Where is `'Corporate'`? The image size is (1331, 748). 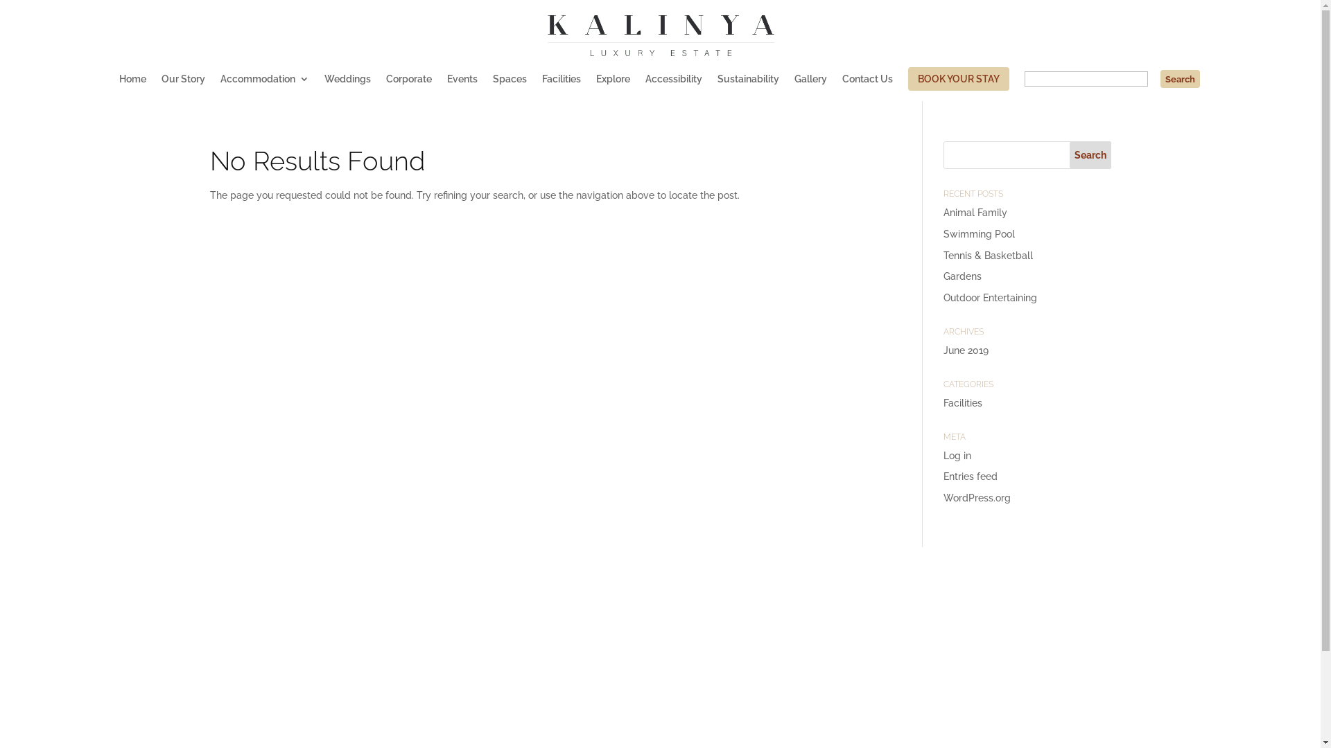 'Corporate' is located at coordinates (408, 85).